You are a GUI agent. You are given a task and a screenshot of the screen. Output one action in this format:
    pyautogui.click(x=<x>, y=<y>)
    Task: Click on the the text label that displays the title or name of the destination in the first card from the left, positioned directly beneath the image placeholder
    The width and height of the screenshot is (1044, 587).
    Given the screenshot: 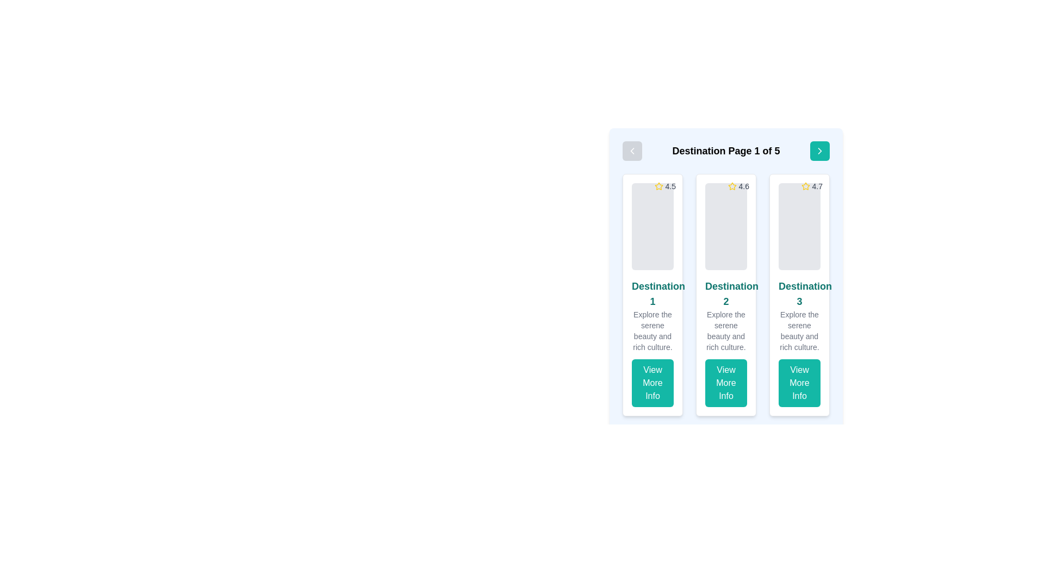 What is the action you would take?
    pyautogui.click(x=652, y=293)
    